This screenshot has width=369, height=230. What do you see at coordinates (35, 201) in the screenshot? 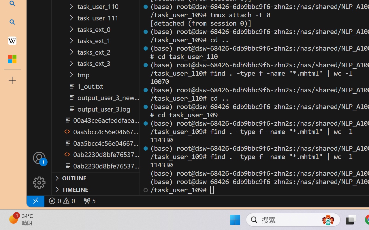
I see `'remote'` at bounding box center [35, 201].